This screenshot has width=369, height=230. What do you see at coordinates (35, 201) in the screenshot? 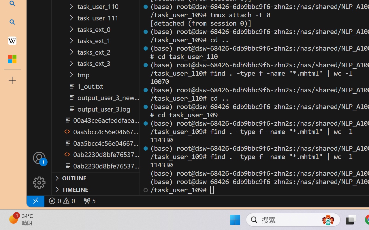
I see `'remote'` at bounding box center [35, 201].